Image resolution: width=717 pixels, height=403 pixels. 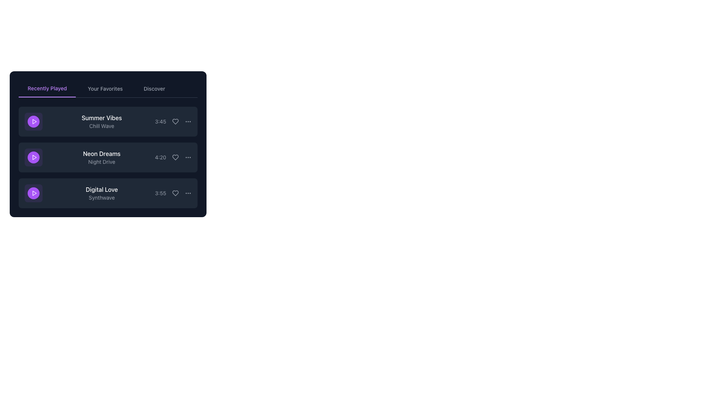 What do you see at coordinates (105, 88) in the screenshot?
I see `the 'Your Favorites' tab in the navigation menu` at bounding box center [105, 88].